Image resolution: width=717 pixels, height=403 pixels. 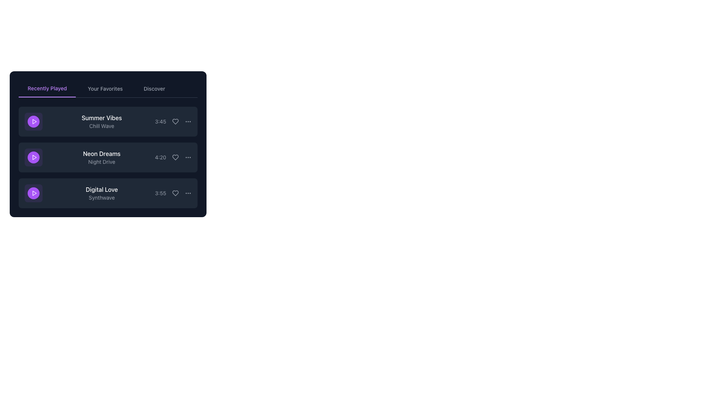 What do you see at coordinates (105, 88) in the screenshot?
I see `the 'Your Favorites' tab in the navigation menu` at bounding box center [105, 88].